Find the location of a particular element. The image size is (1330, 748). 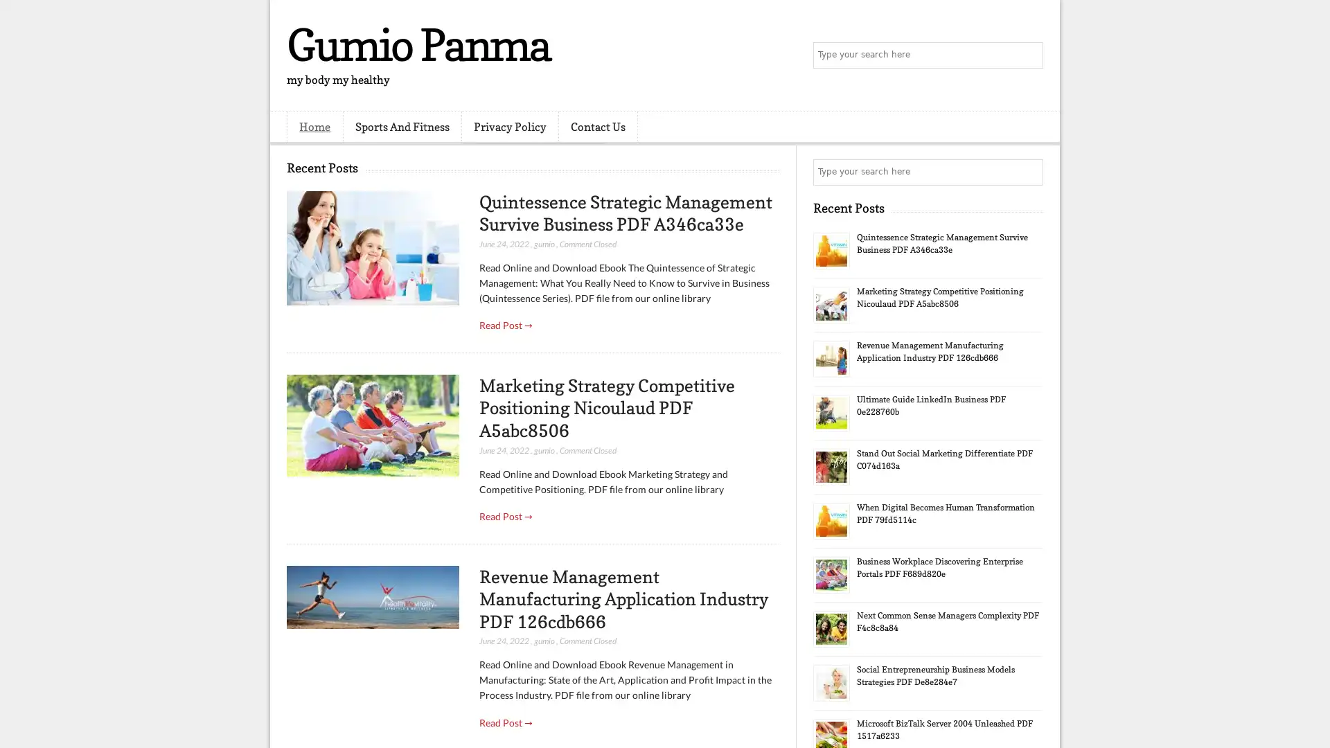

Search is located at coordinates (1029, 172).